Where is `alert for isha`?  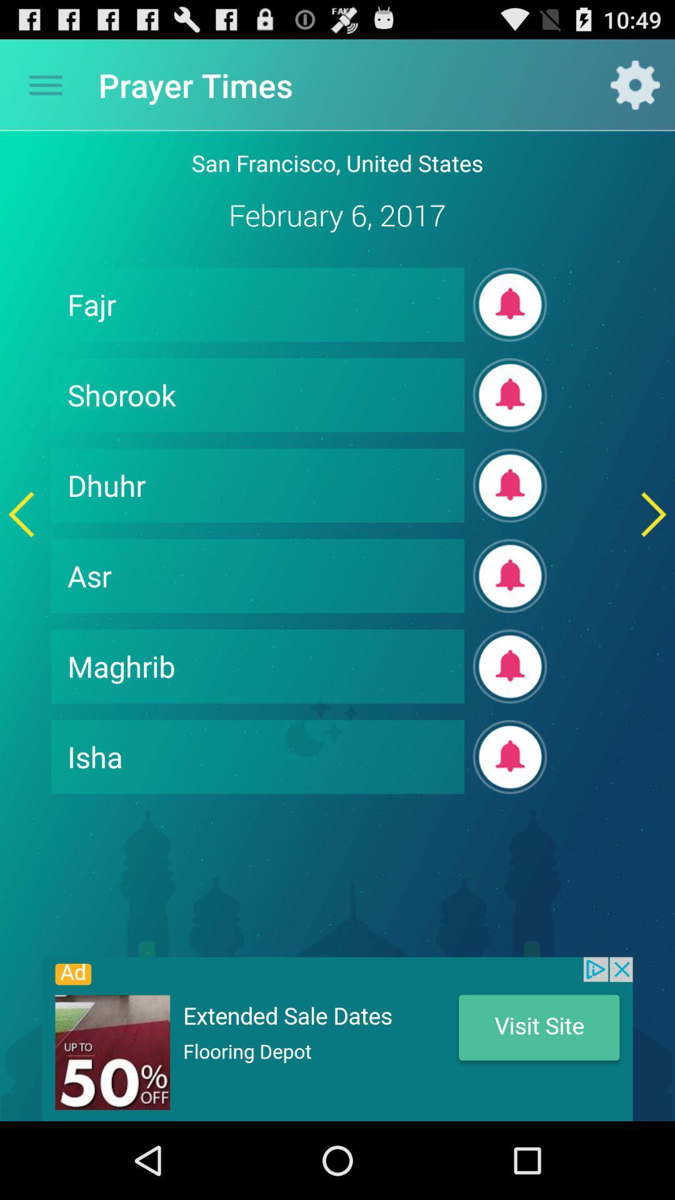 alert for isha is located at coordinates (510, 756).